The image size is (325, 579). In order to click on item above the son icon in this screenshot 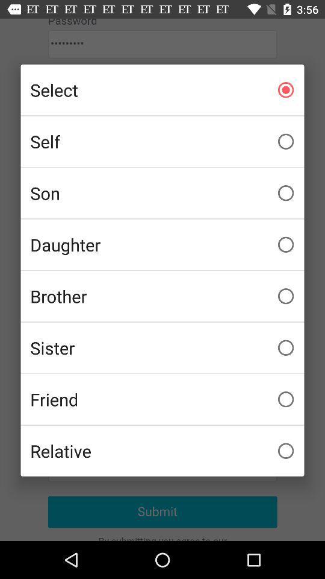, I will do `click(162, 141)`.